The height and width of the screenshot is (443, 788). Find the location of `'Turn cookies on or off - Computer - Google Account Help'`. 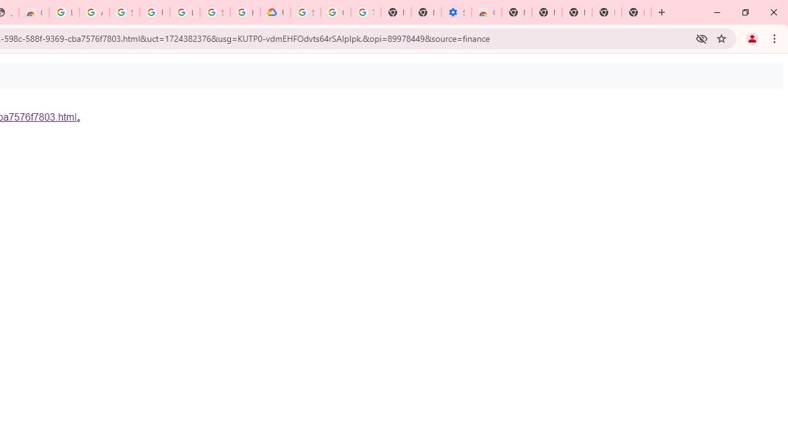

'Turn cookies on or off - Computer - Google Account Help' is located at coordinates (365, 12).